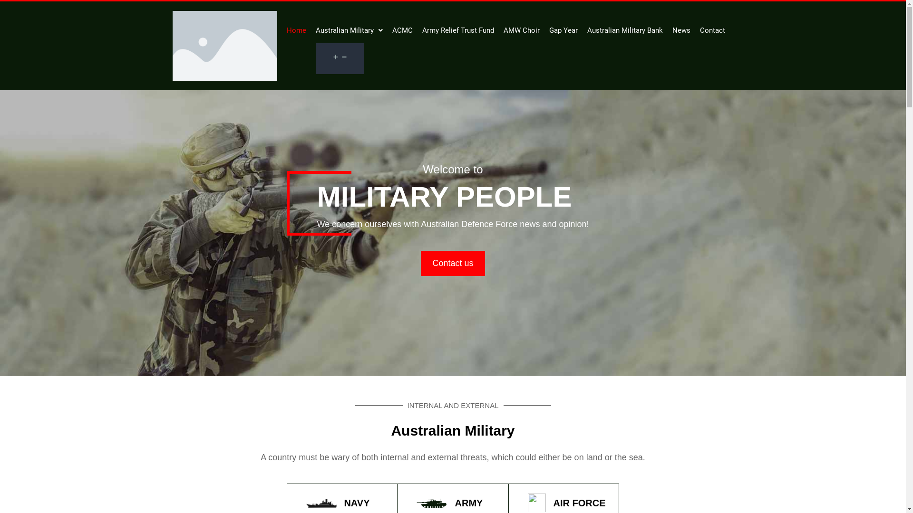  I want to click on 'Australian Military Bank', so click(624, 30).